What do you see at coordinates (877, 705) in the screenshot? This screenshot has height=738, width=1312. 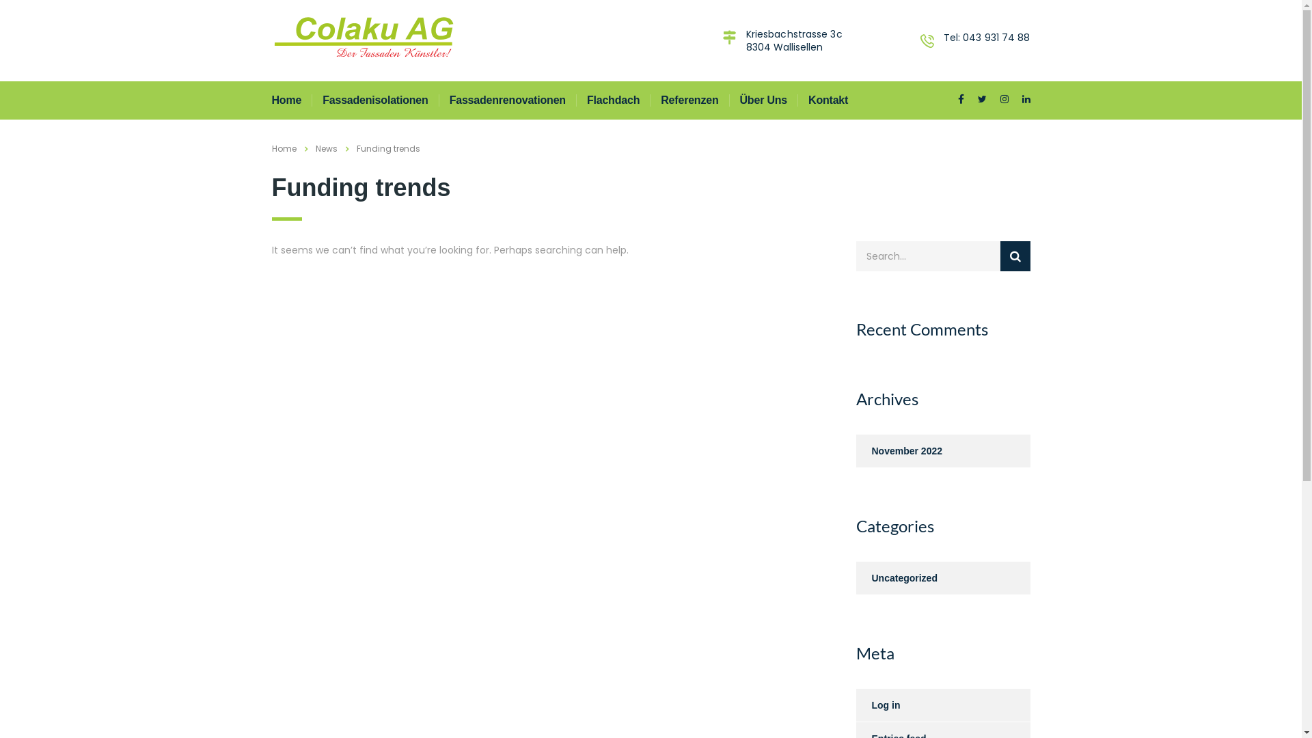 I see `'Log in'` at bounding box center [877, 705].